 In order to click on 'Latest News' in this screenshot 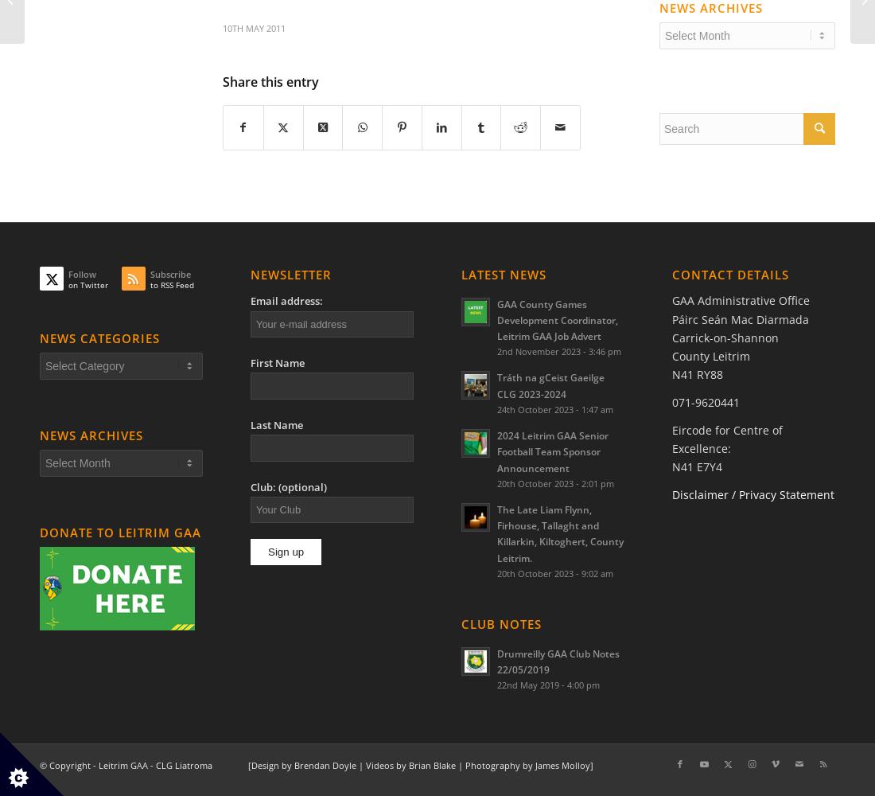, I will do `click(461, 273)`.